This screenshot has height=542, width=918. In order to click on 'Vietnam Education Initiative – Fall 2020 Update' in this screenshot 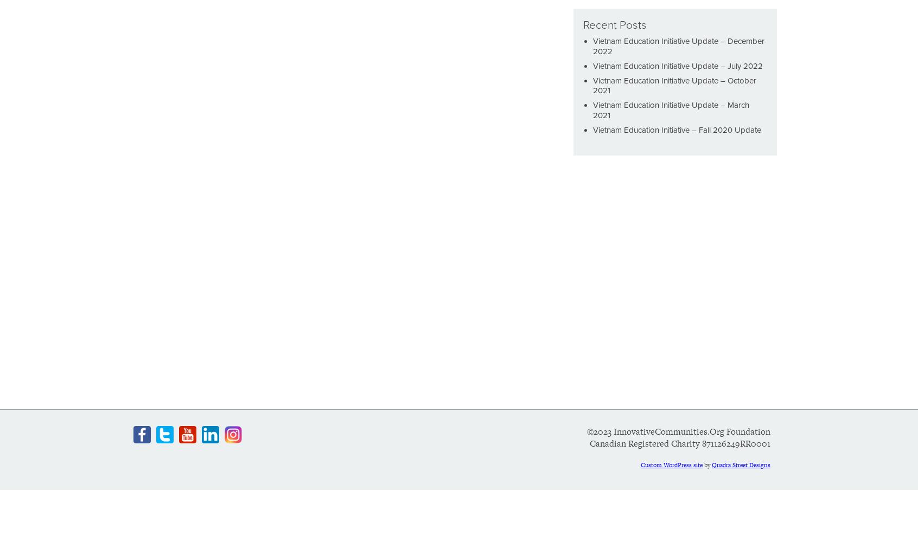, I will do `click(677, 129)`.